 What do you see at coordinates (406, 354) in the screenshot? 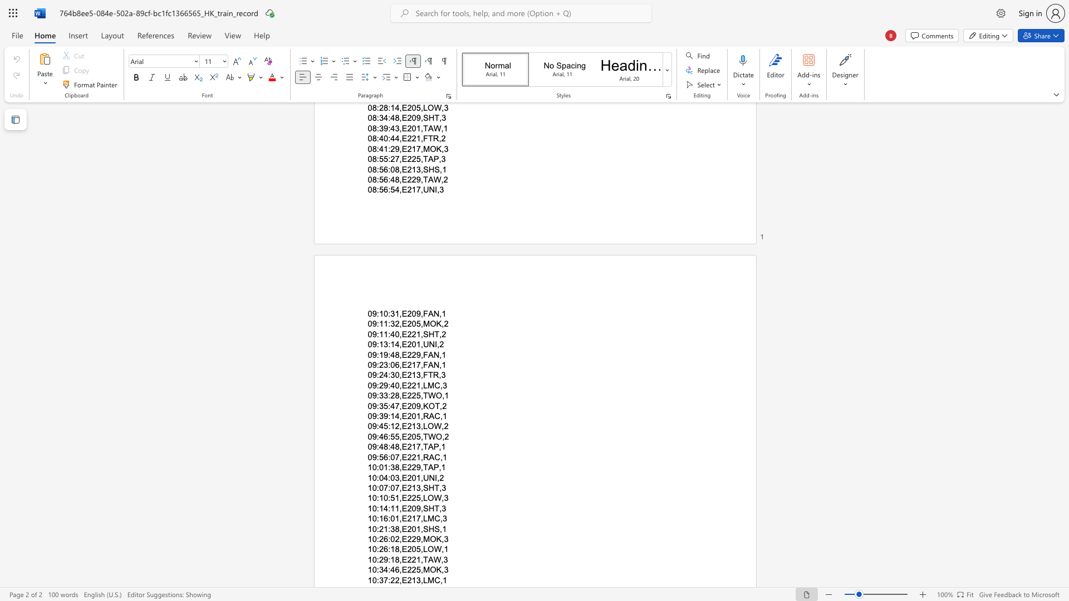
I see `the space between the continuous character "E" and "2" in the text` at bounding box center [406, 354].